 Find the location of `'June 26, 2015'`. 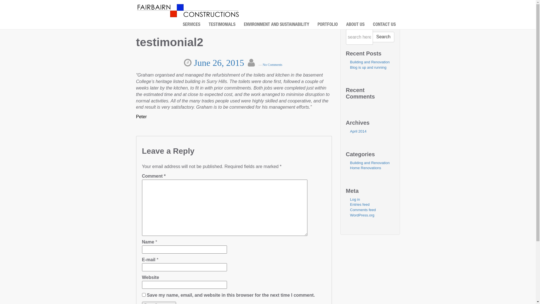

'June 26, 2015' is located at coordinates (219, 63).